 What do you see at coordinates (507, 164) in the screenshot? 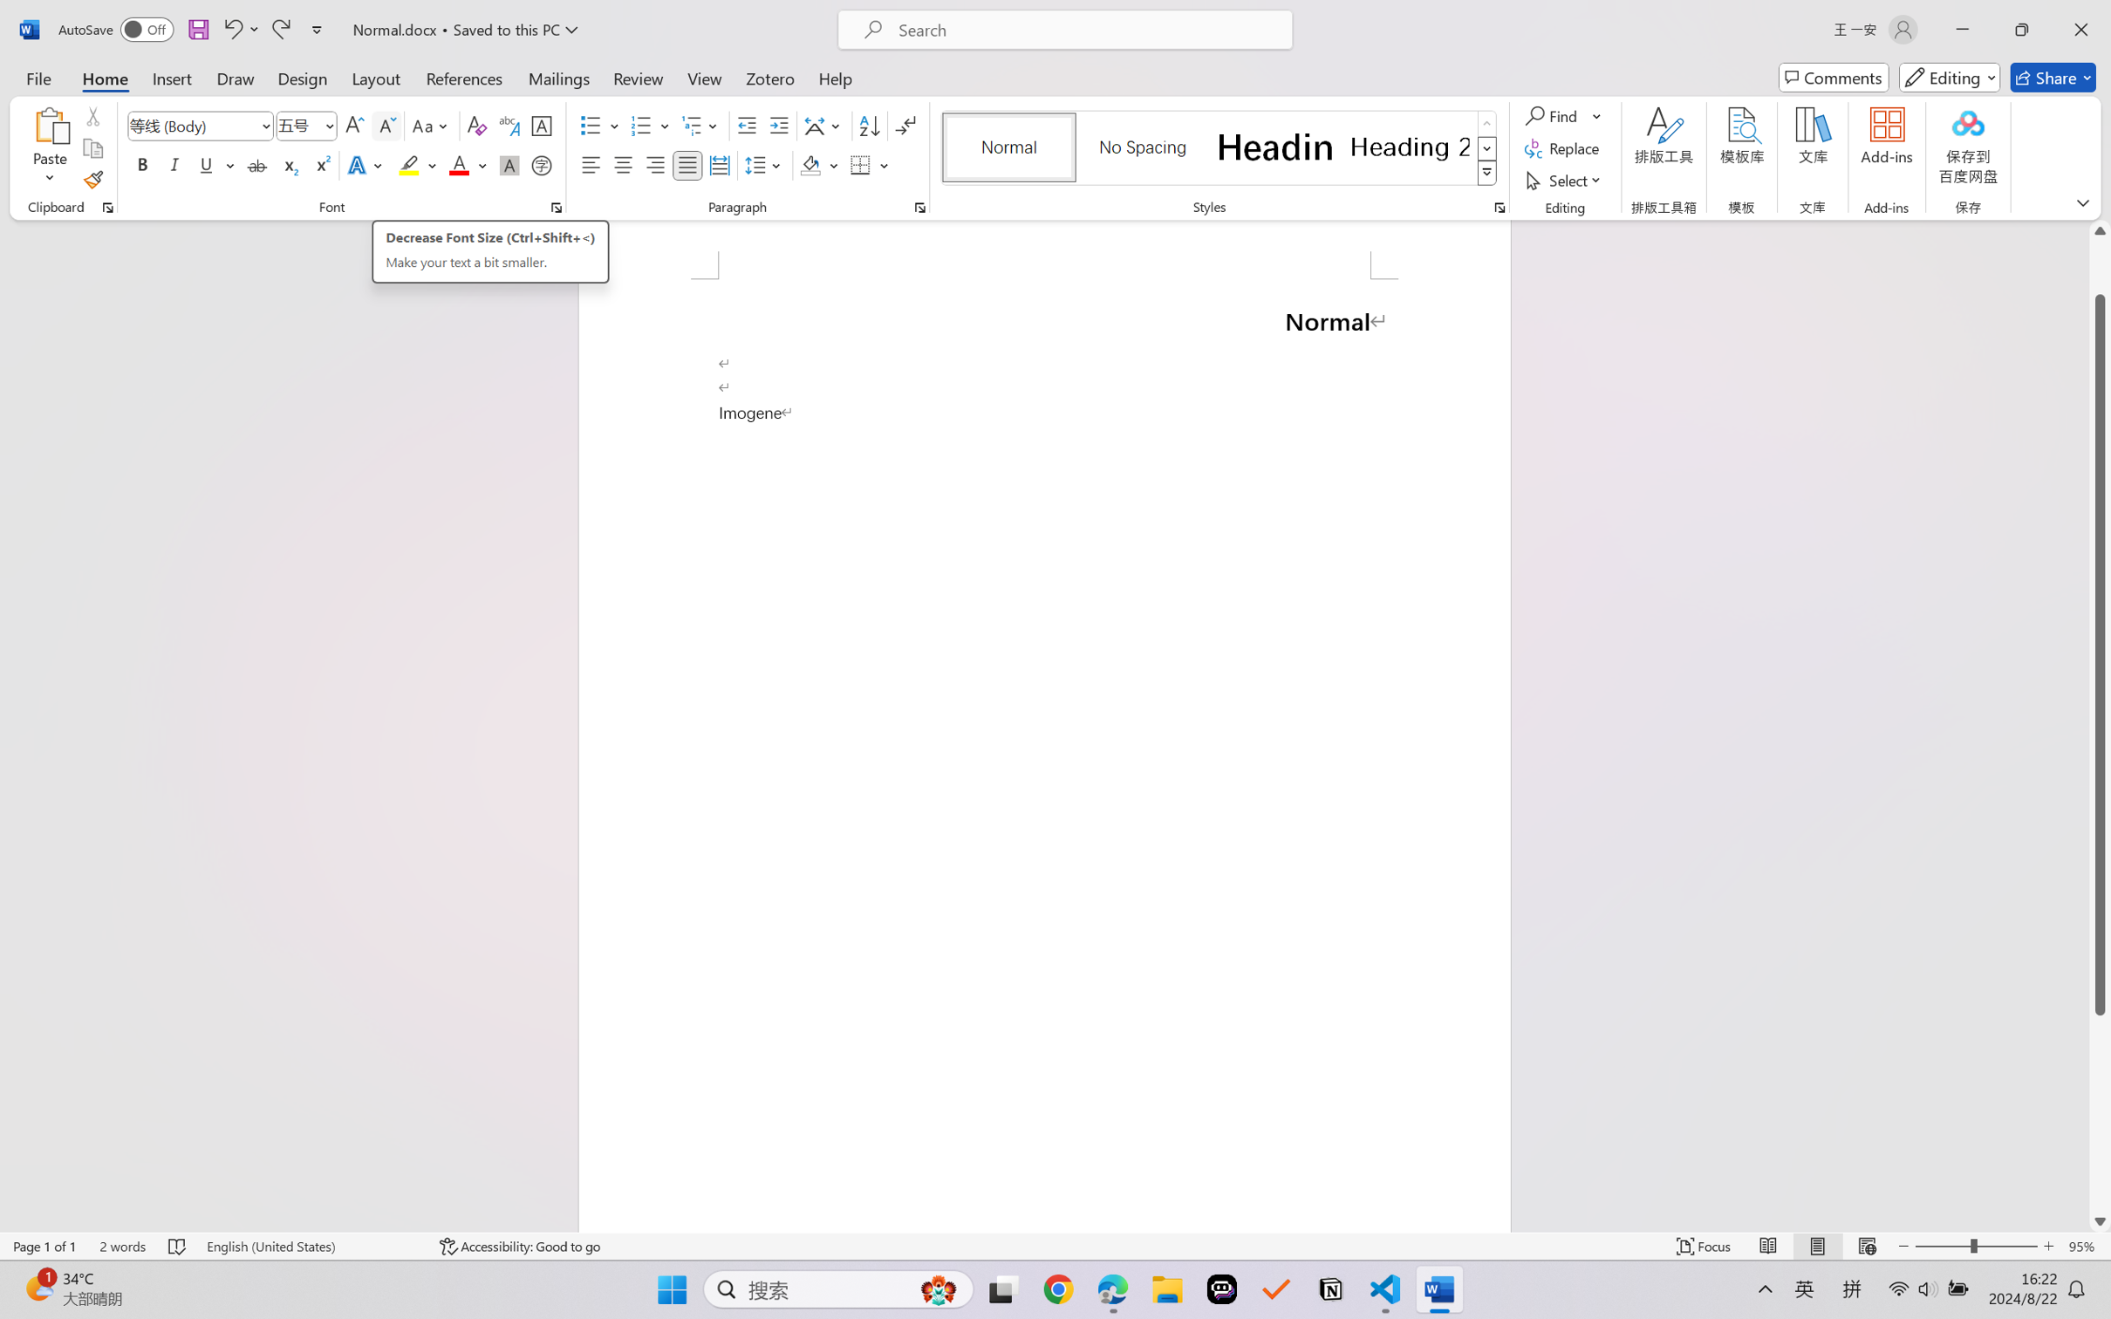
I see `'Character Shading'` at bounding box center [507, 164].